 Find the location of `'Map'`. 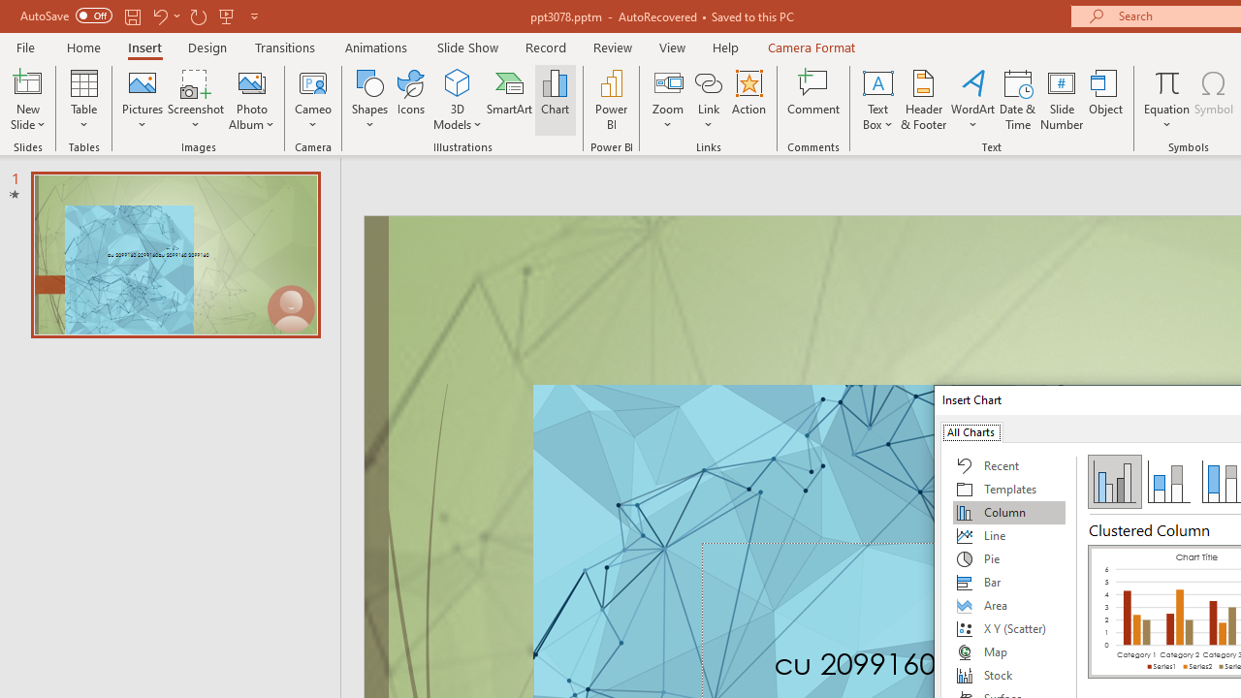

'Map' is located at coordinates (1008, 651).